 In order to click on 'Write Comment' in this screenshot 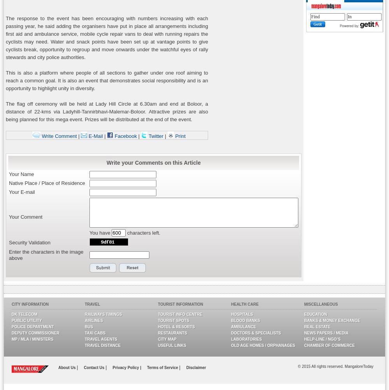, I will do `click(40, 136)`.